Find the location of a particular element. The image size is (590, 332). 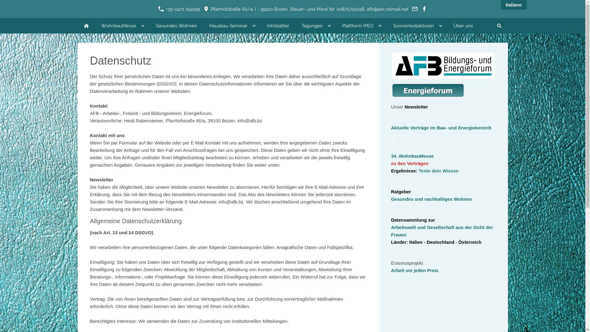

' +39-0471 254199' is located at coordinates (179, 9).